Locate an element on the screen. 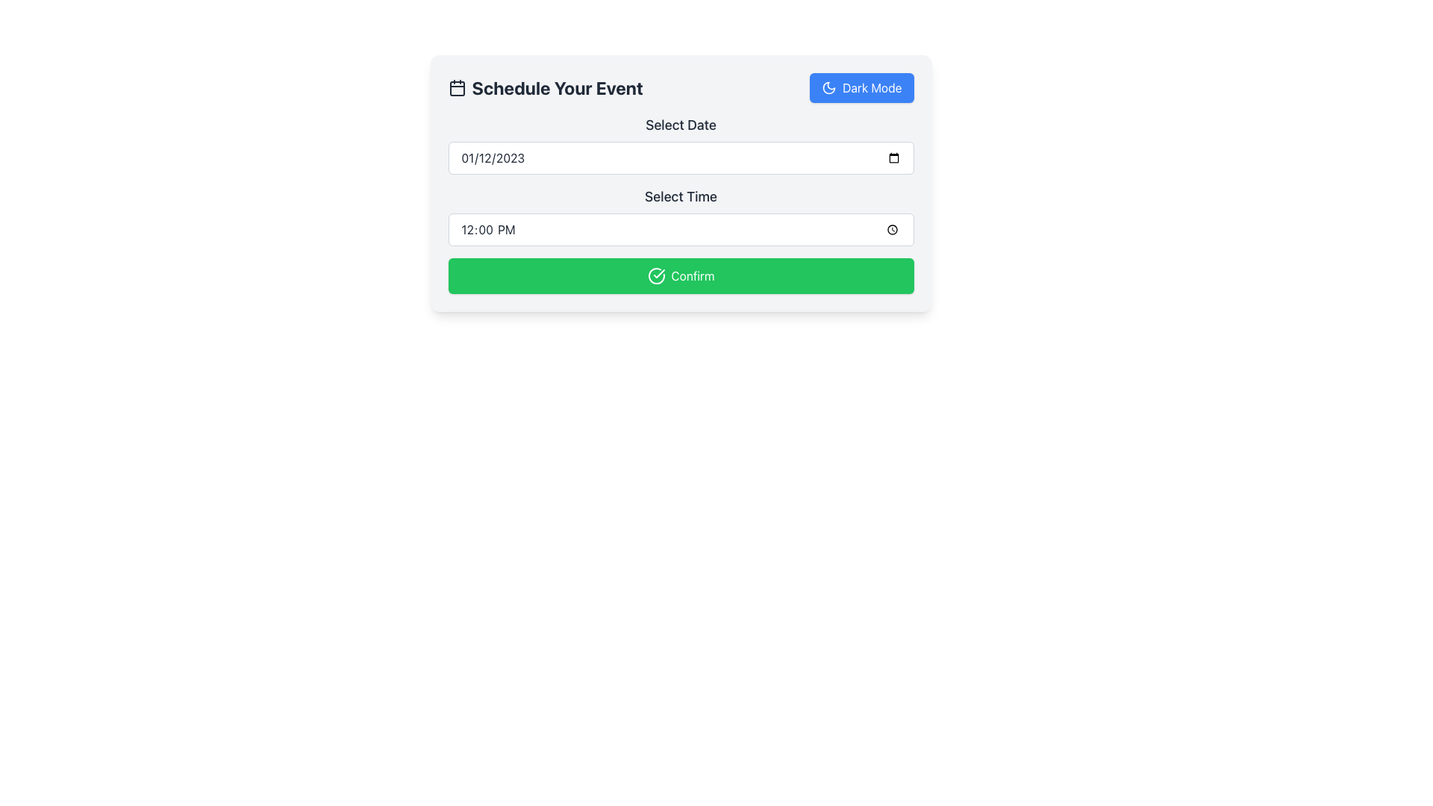  the 'Confirm' button, which is a horizontally centered button with rounded corners, a vivid green background, a white circle-check icon, and white text located at the bottom of the dialog box is located at coordinates (680, 276).